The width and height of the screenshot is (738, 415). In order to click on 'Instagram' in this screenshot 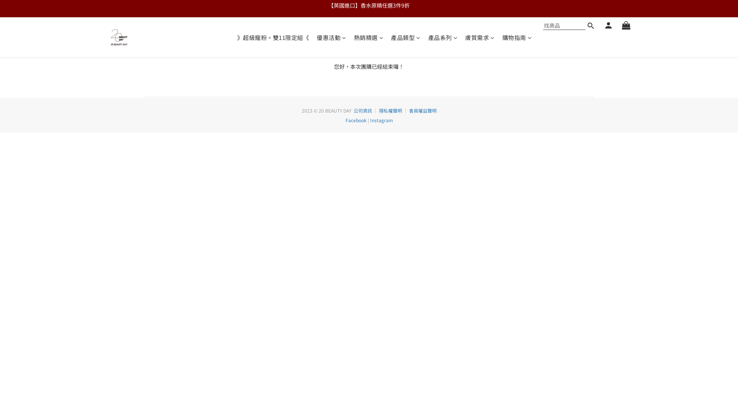, I will do `click(381, 120)`.